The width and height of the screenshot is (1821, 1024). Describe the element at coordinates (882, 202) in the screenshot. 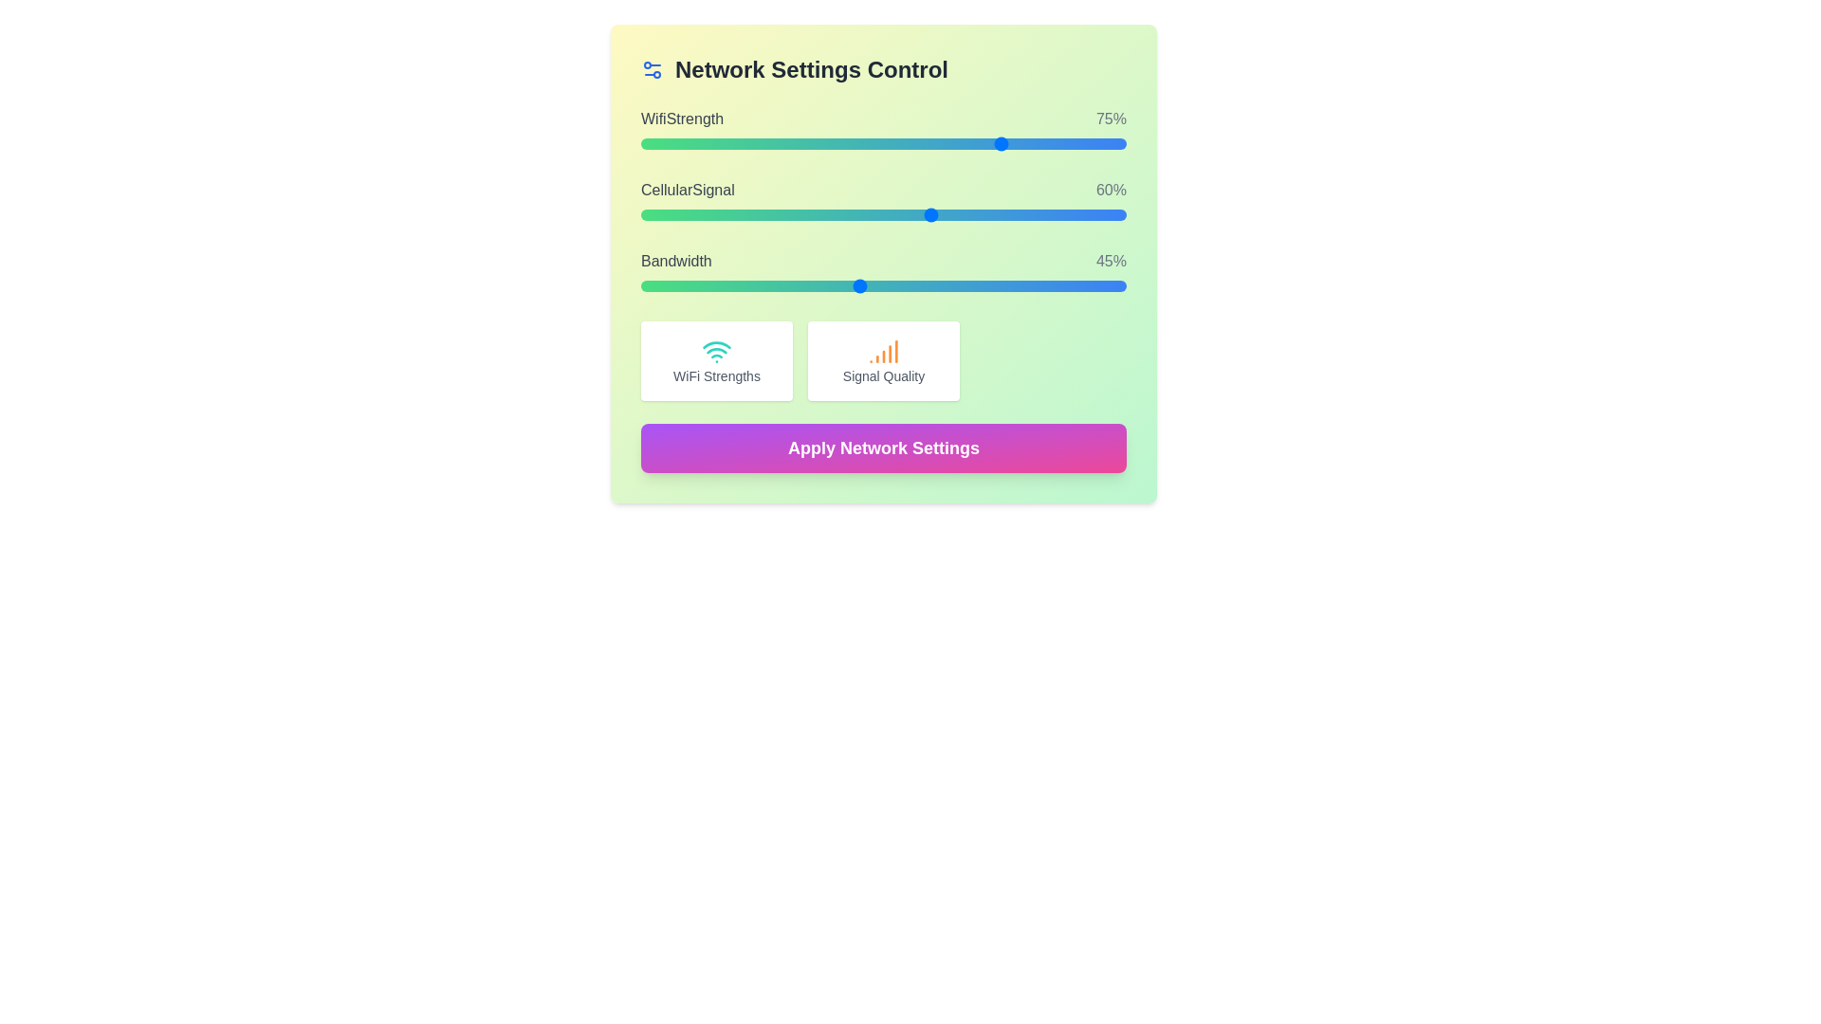

I see `the labels or percentages in the Interactive panel with sliders and indicators for WiFi Strength, Cellular Signal, and Bandwidth` at that location.